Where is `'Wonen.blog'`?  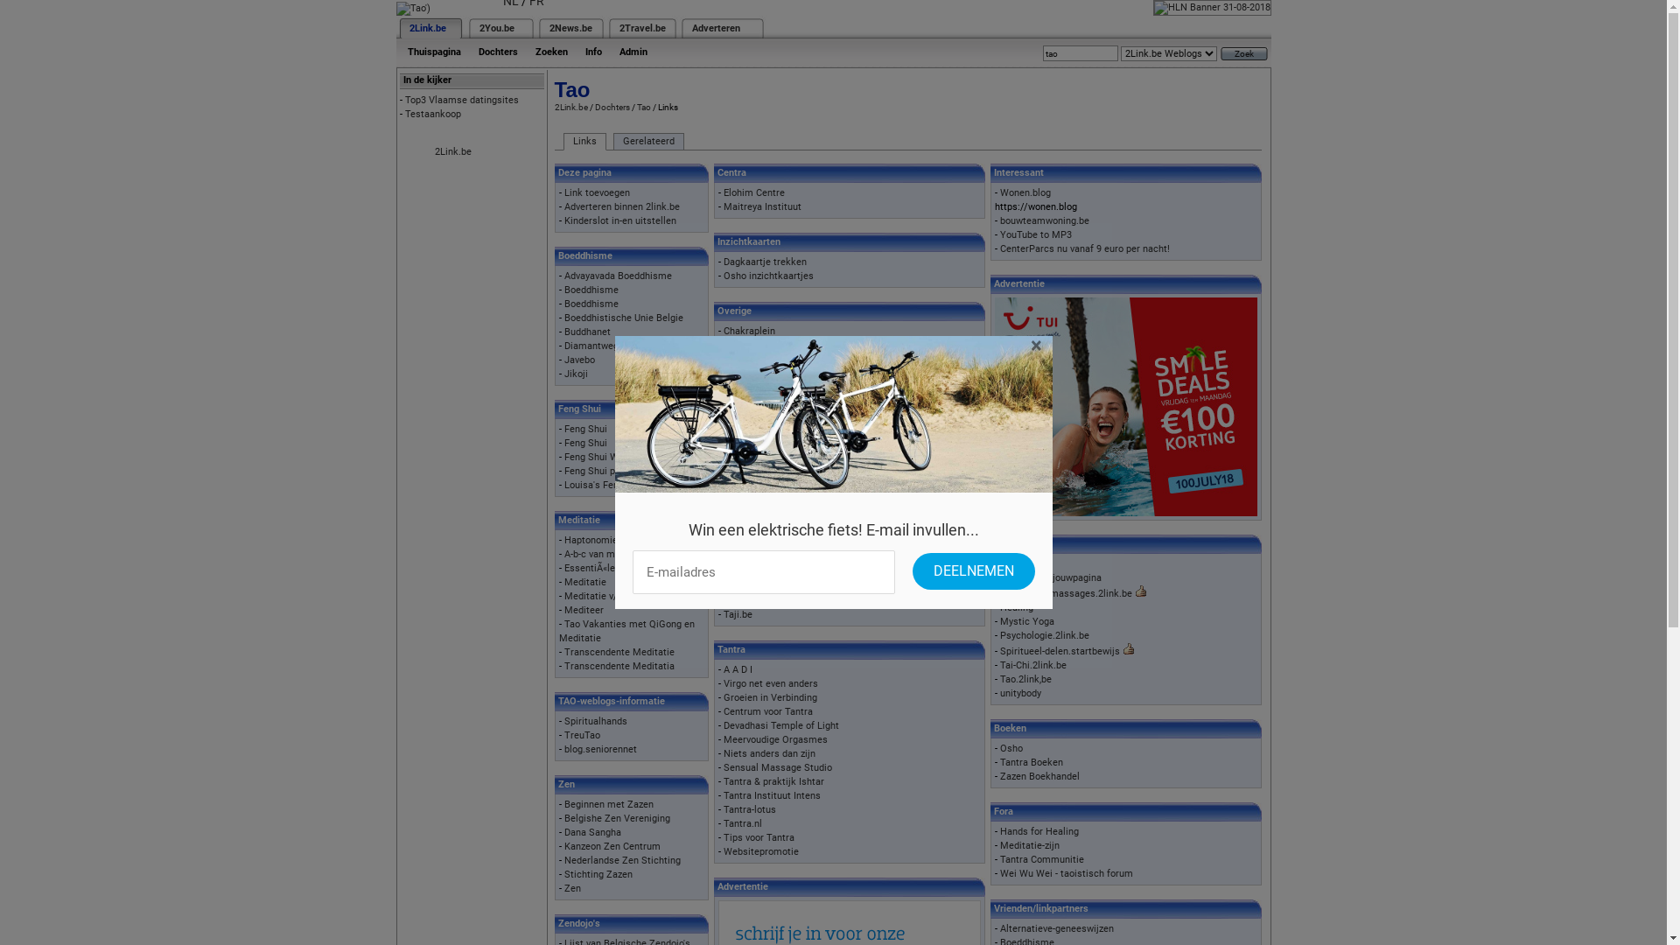
'Wonen.blog' is located at coordinates (1025, 192).